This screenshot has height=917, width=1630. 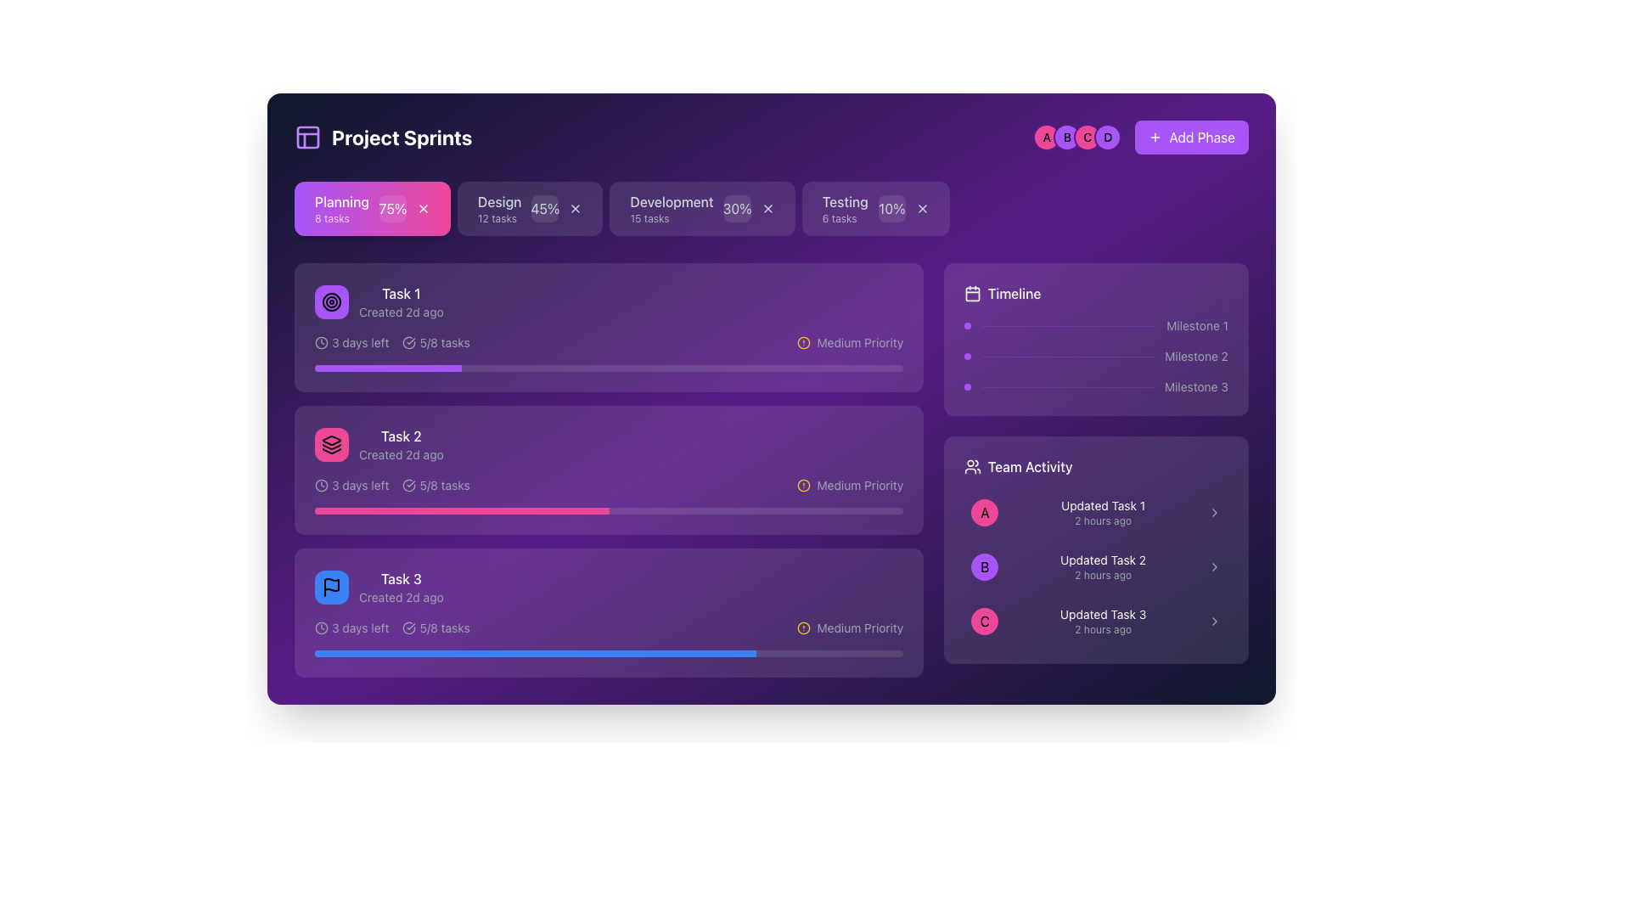 I want to click on the blue progress bar indicator of the third task in the 'Project Sprints' section to potentially see a tooltip or details about the progress, so click(x=534, y=653).